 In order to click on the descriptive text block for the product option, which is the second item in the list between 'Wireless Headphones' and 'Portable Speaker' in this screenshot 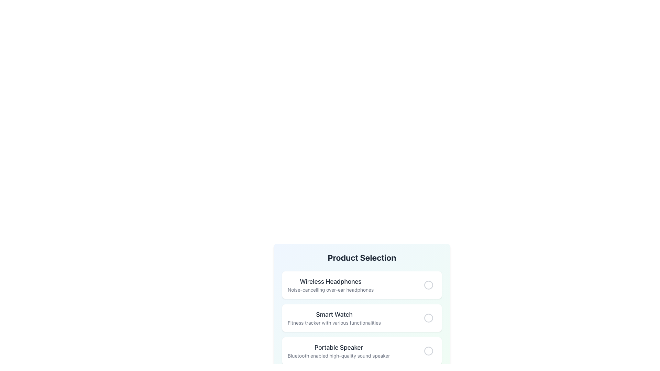, I will do `click(334, 318)`.